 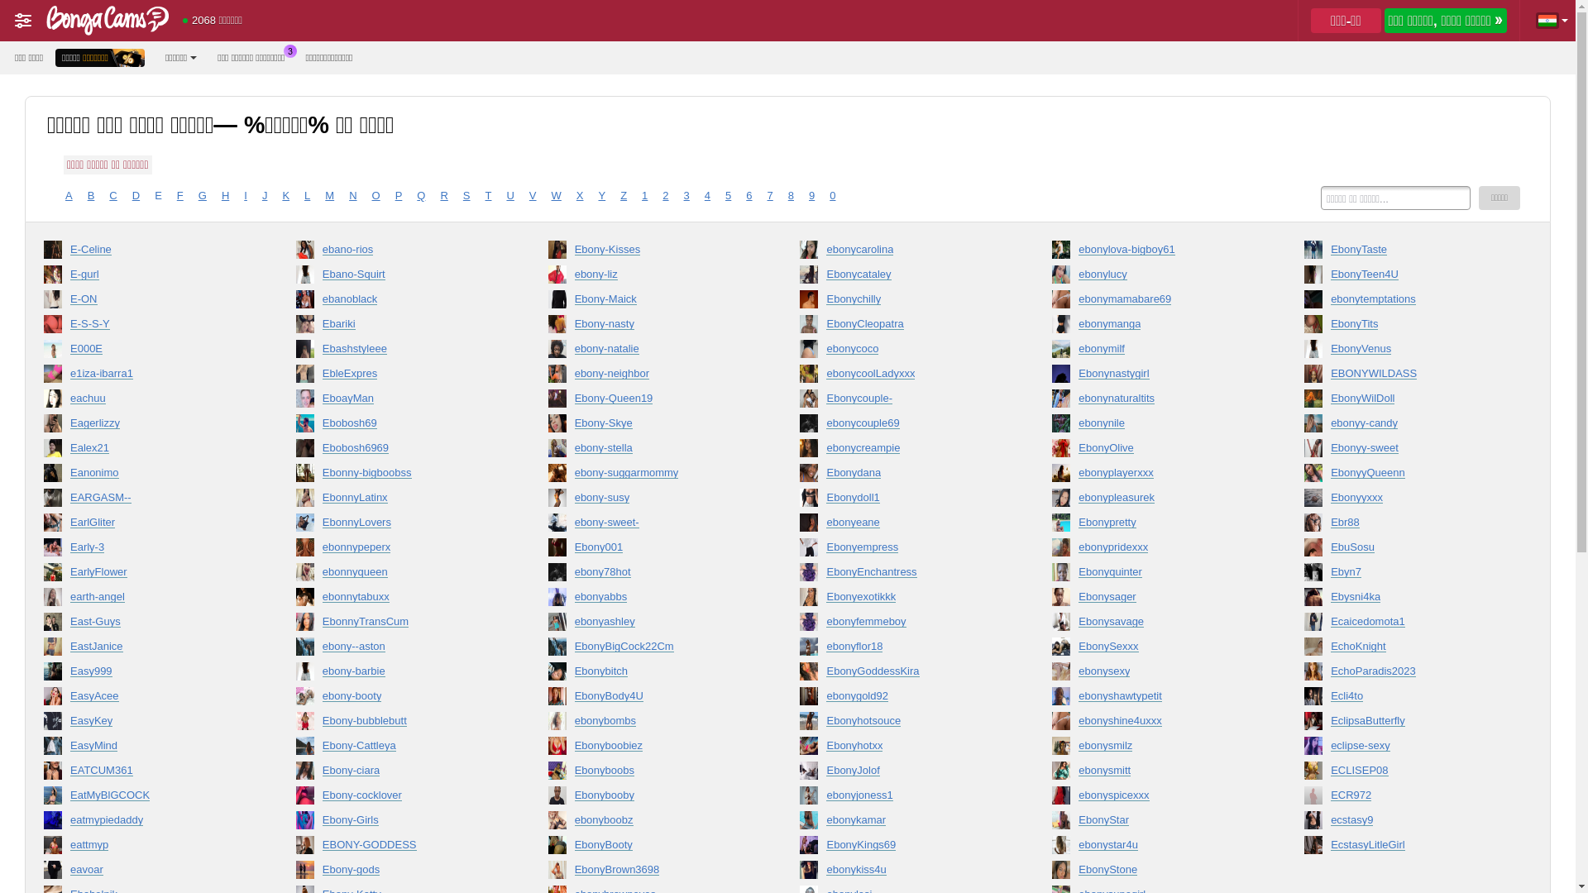 I want to click on 'ebonymanga', so click(x=1154, y=327).